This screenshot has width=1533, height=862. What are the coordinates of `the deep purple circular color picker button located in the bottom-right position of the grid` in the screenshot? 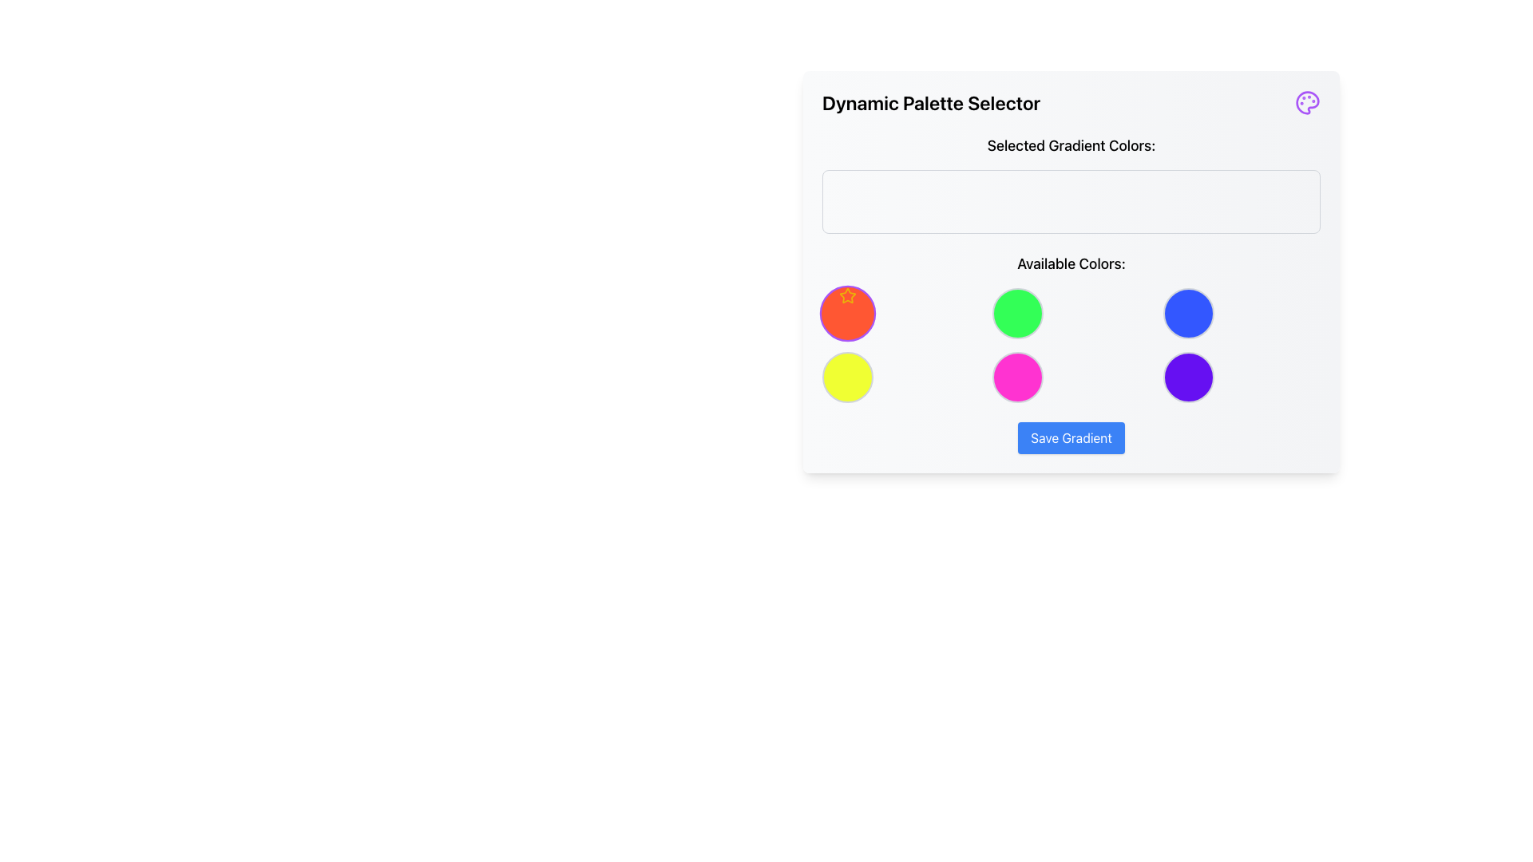 It's located at (1188, 378).